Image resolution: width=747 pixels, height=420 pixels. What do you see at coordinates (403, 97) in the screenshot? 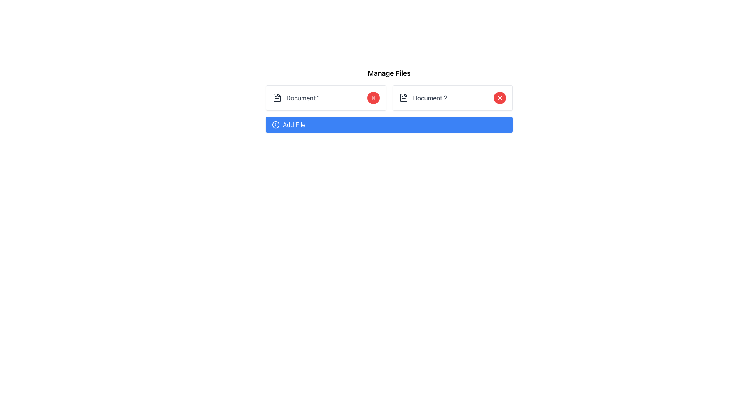
I see `the icon representing the file association for the second document, located directly to the left of the label 'Document 2'` at bounding box center [403, 97].